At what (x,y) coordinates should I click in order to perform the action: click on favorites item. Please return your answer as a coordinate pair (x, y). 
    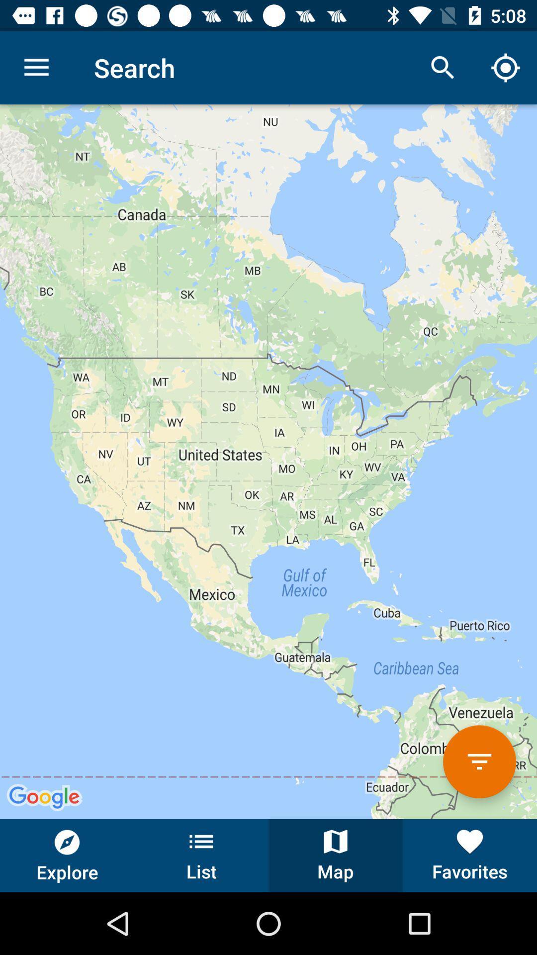
    Looking at the image, I should click on (470, 855).